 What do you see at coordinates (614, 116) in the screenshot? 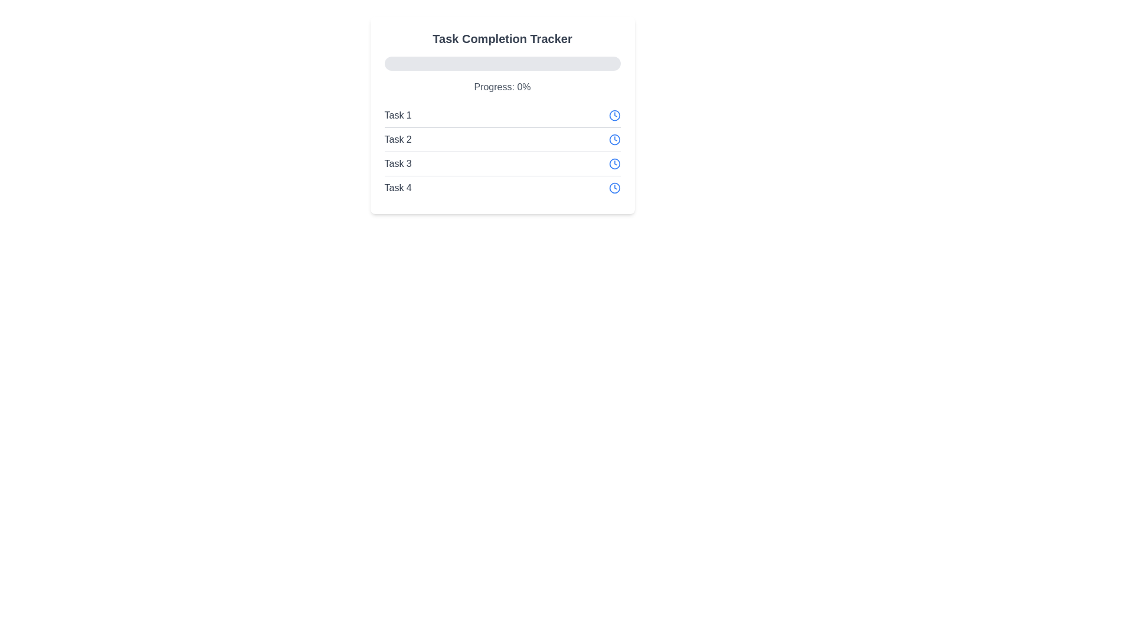
I see `the outer circle part of the clock-like icon representing the timer for Task 1 in the Task Completion Tracker interface` at bounding box center [614, 116].